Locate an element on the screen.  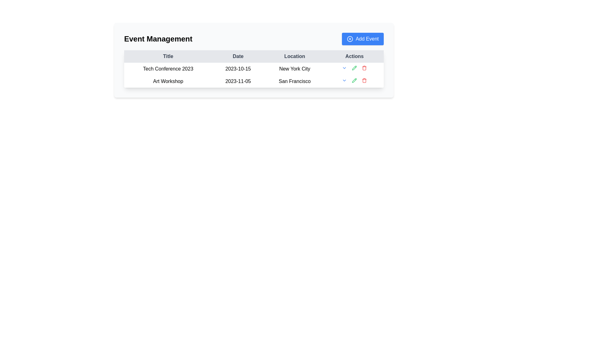
the 'Actions' table header cell, which has a light gray background and dark gray text, positioned as the fourth element in the header row is located at coordinates (354, 56).